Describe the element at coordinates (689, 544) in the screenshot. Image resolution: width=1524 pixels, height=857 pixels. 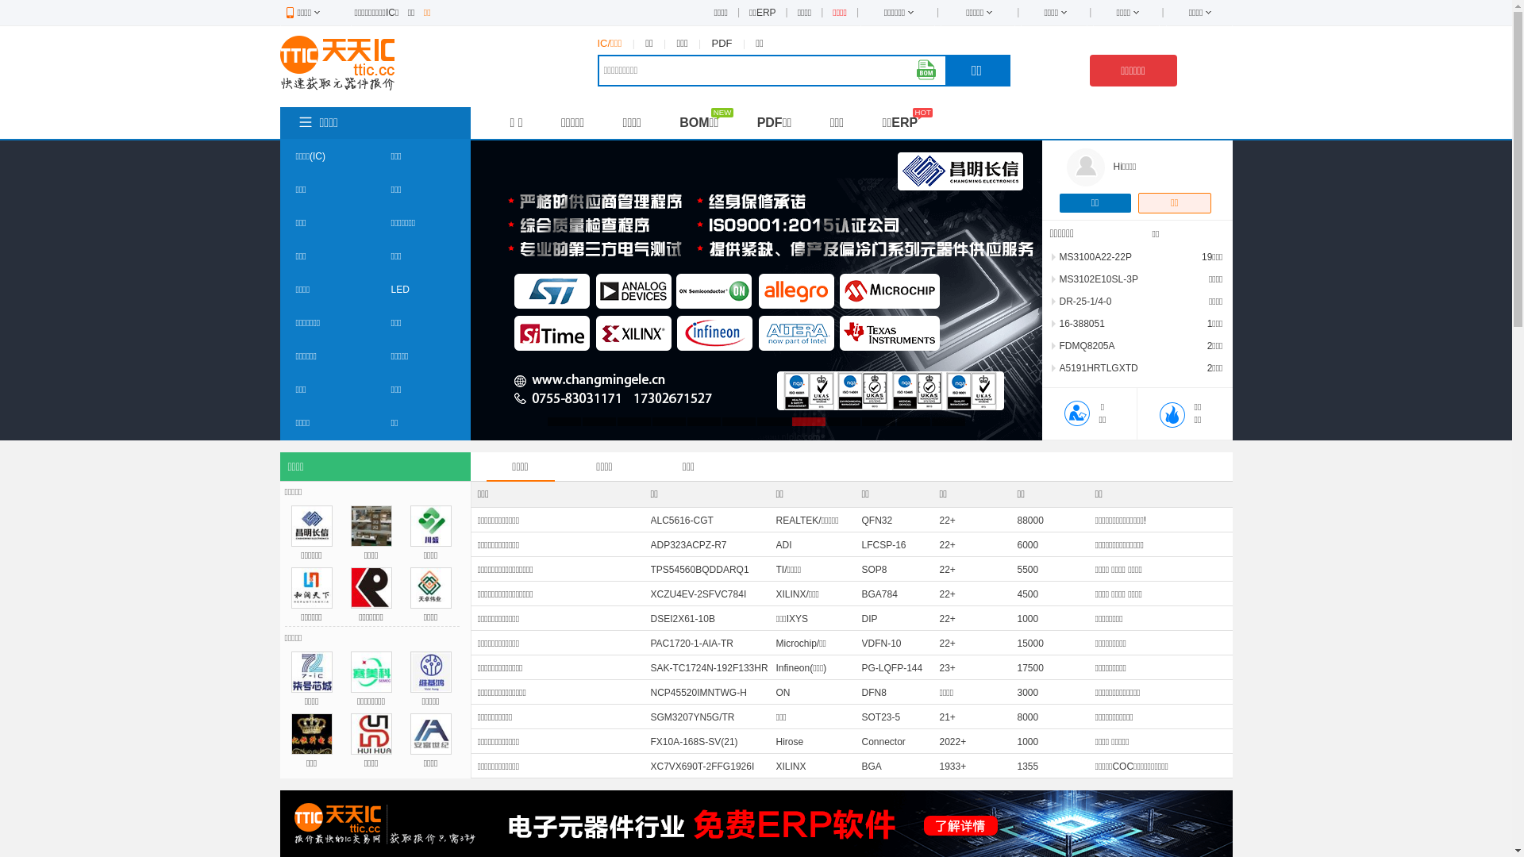
I see `'ADP323ACPZ-R7'` at that location.